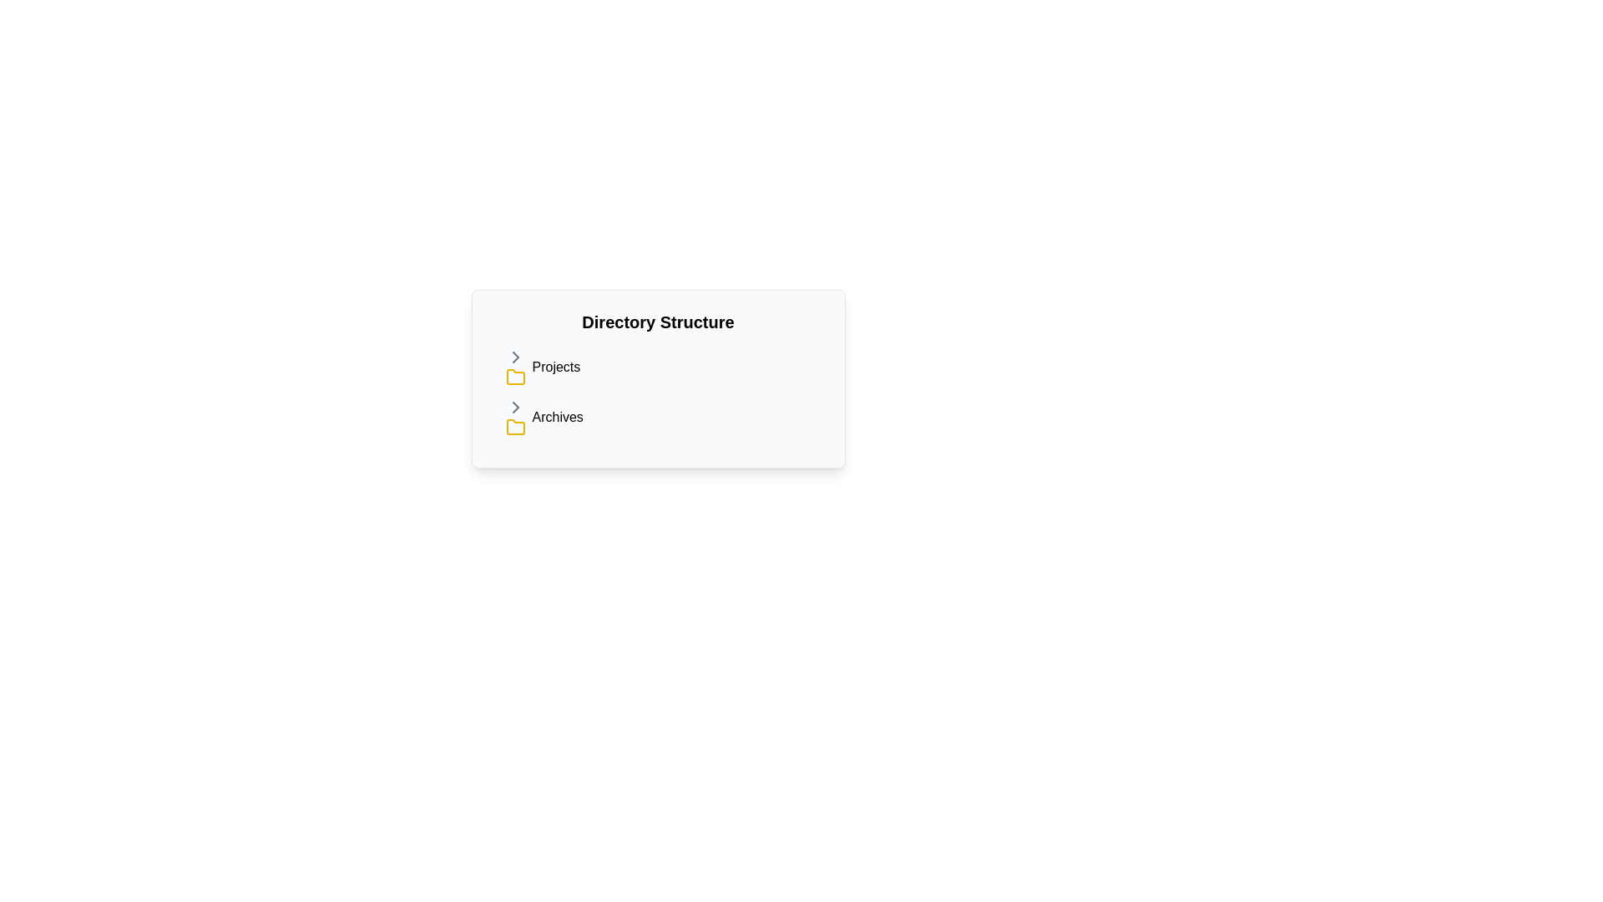  Describe the element at coordinates (557, 417) in the screenshot. I see `the 'Archives' text label, which is styled in a simple font and positioned below the 'Projects' folder in a hierarchical directory structure` at that location.